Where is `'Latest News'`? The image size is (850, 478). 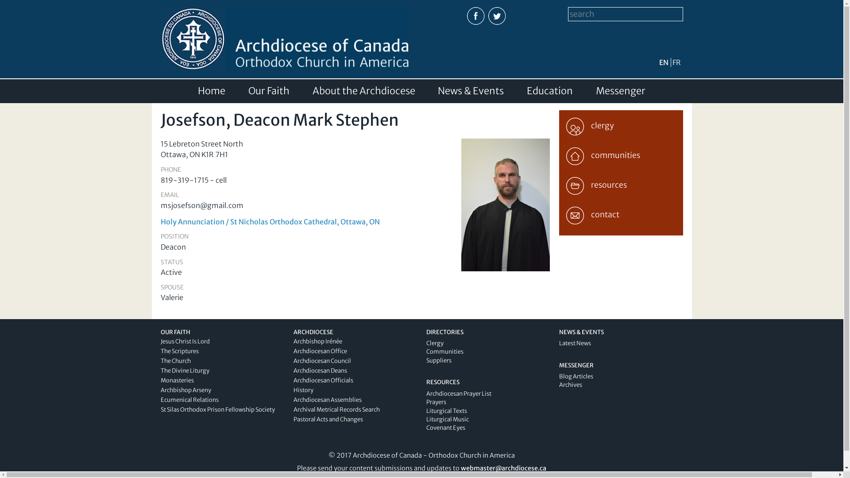
'Latest News' is located at coordinates (574, 343).